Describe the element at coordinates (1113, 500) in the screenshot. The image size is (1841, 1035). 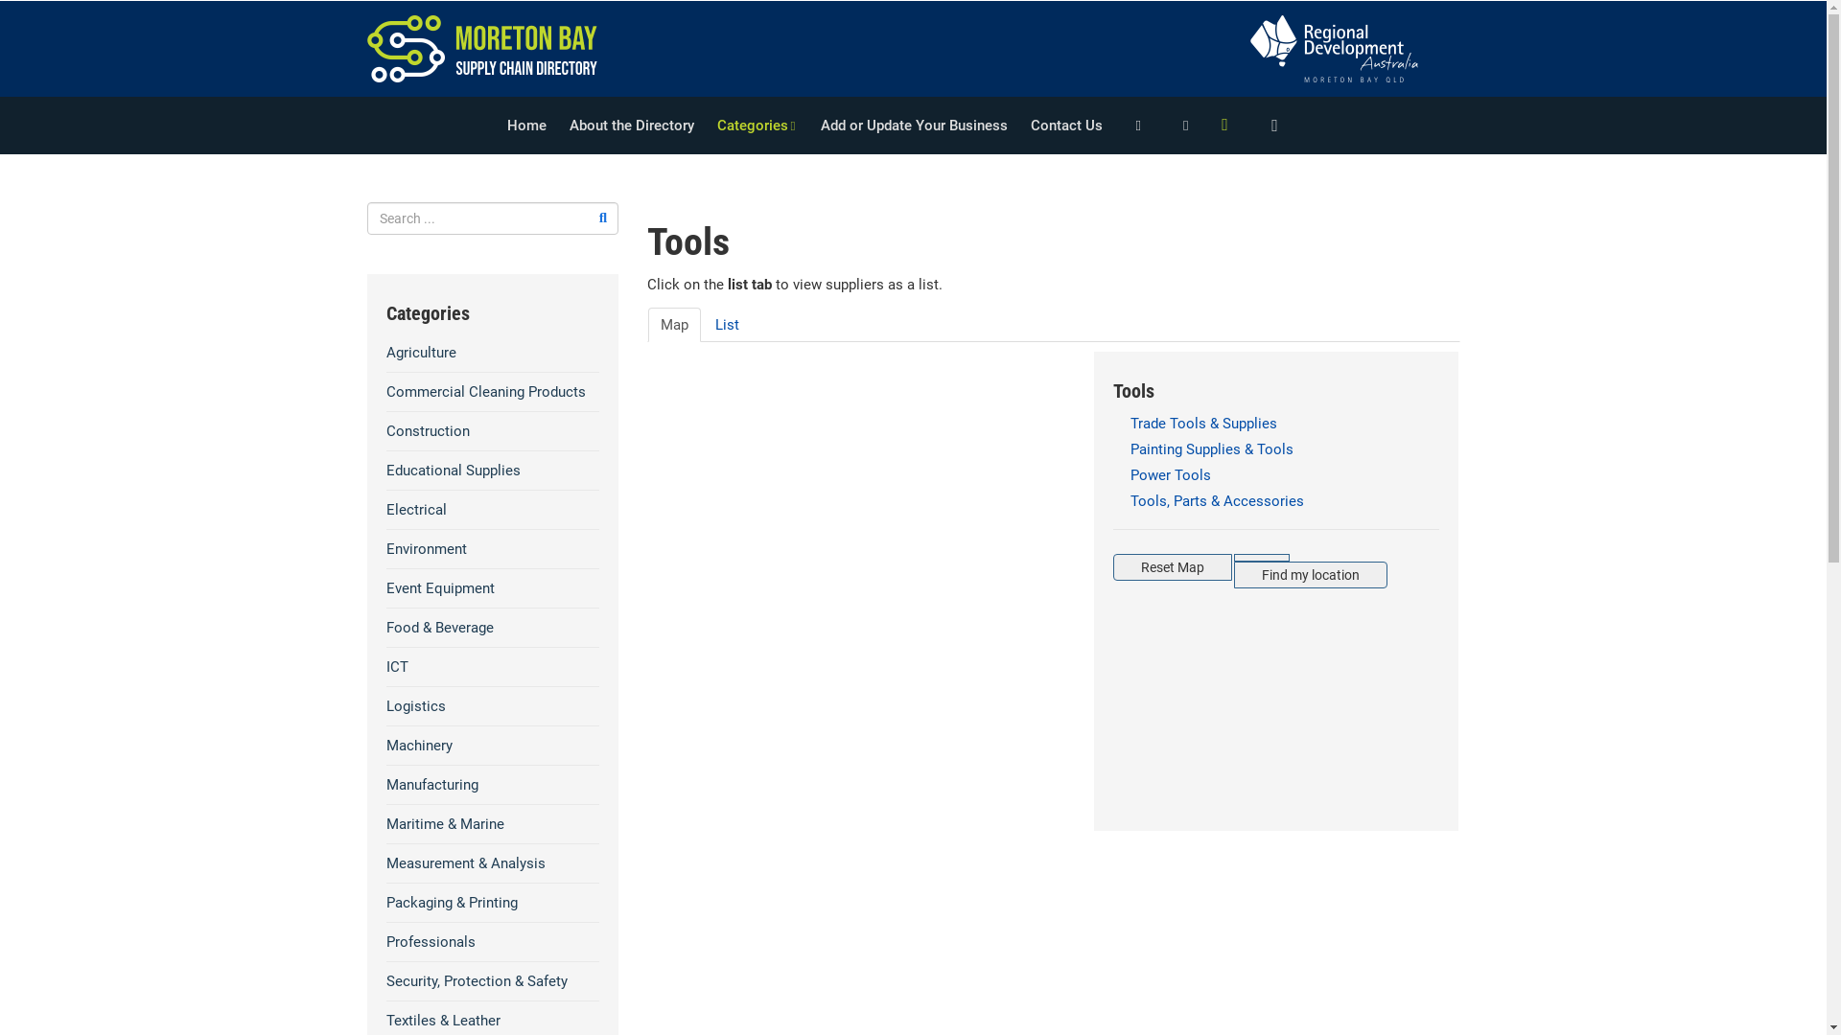
I see `'Tools, Parts & Accessories'` at that location.